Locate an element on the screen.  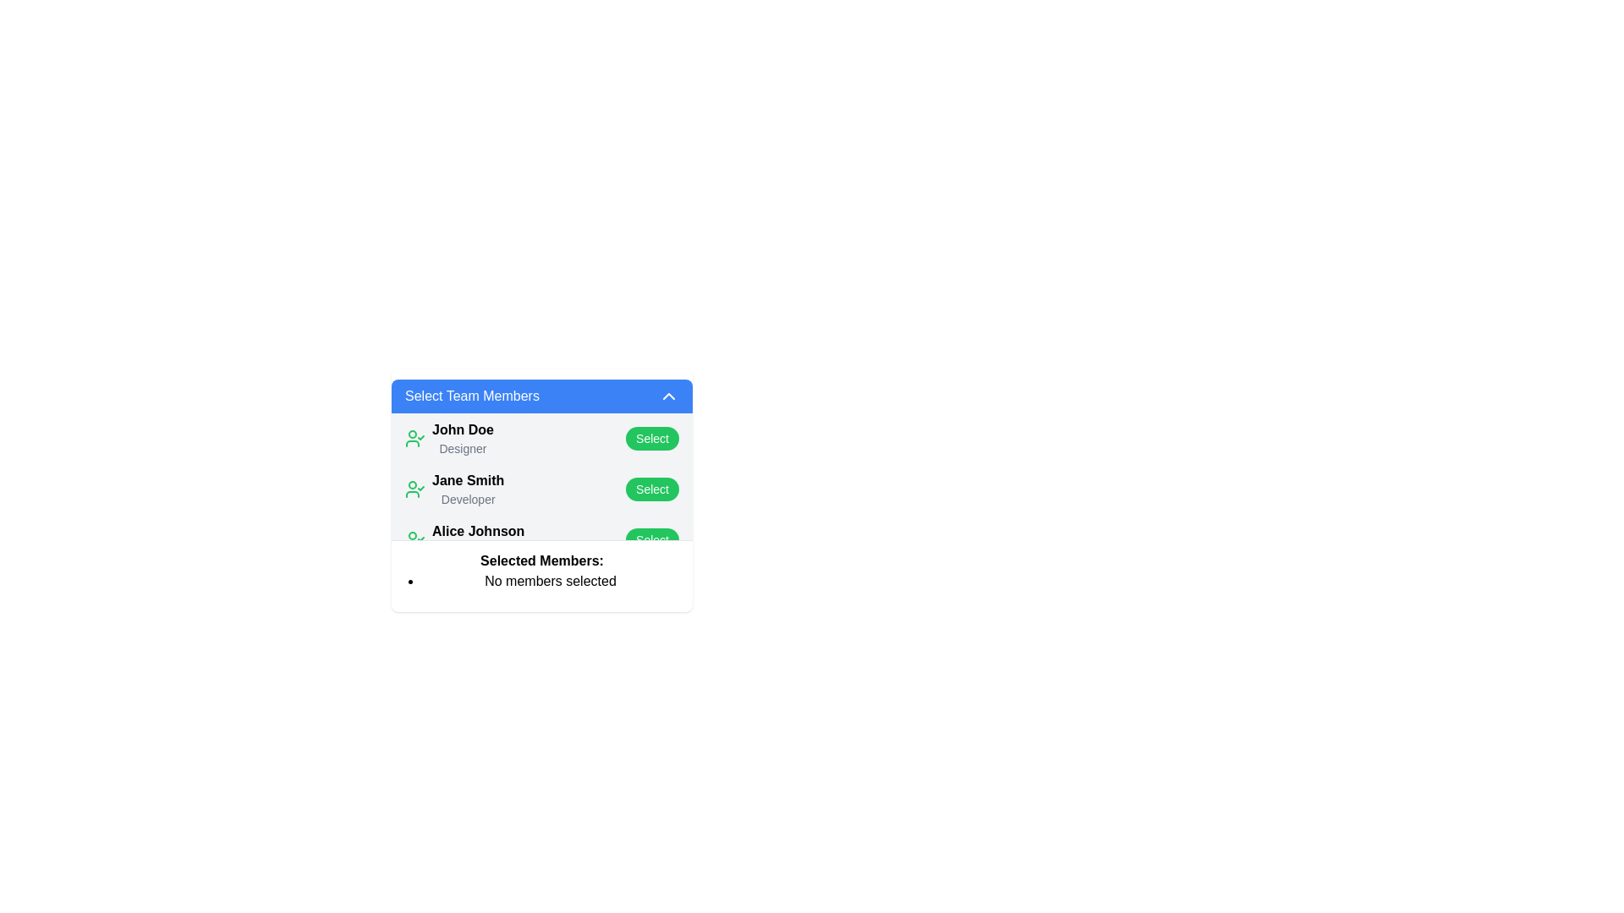
the text label displaying 'Developer', which is located below 'Jane Smith' and above the 'Select' button is located at coordinates (468, 498).